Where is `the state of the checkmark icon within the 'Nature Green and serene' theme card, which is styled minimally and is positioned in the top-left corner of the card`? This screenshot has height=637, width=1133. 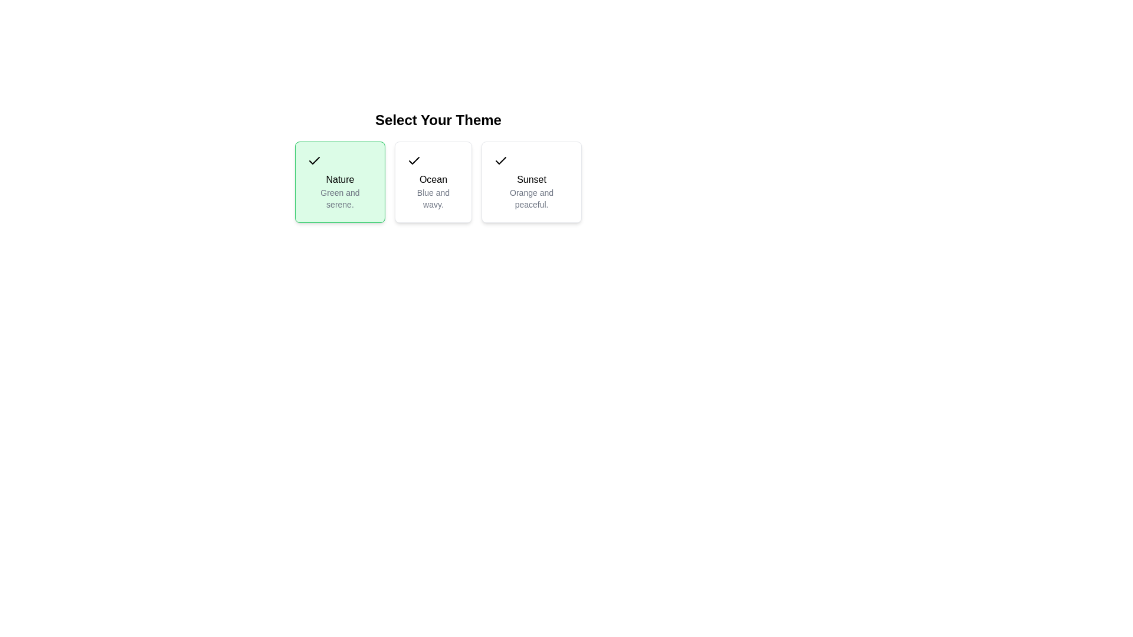 the state of the checkmark icon within the 'Nature Green and serene' theme card, which is styled minimally and is positioned in the top-left corner of the card is located at coordinates (501, 160).